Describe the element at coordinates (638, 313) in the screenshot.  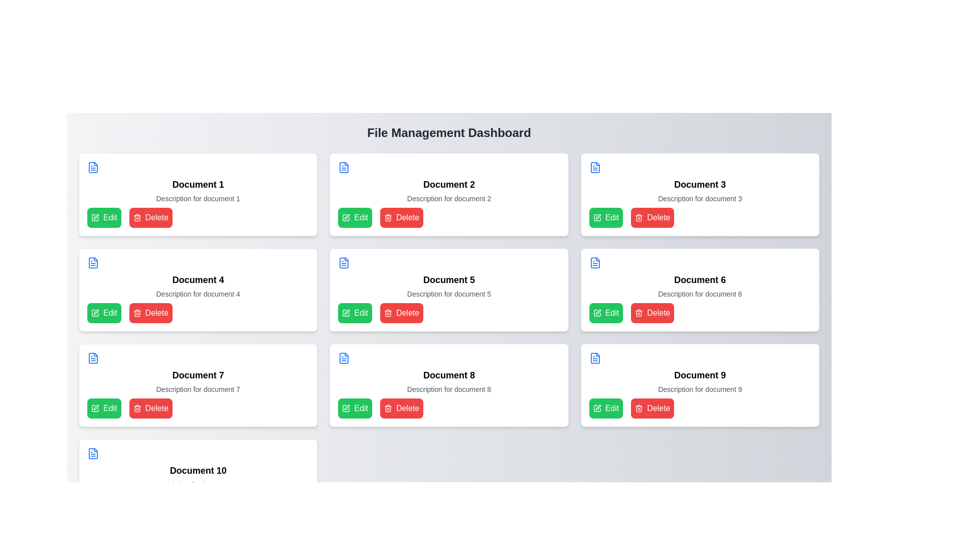
I see `the trash bin icon, which is a small icon with a red fill located inside the 'Delete' button for 'Document 5'` at that location.